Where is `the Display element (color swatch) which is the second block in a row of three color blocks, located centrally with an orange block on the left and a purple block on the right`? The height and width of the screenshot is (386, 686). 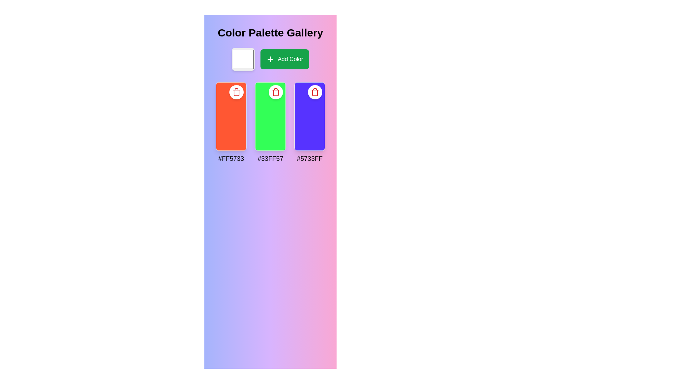 the Display element (color swatch) which is the second block in a row of three color blocks, located centrally with an orange block on the left and a purple block on the right is located at coordinates (270, 116).